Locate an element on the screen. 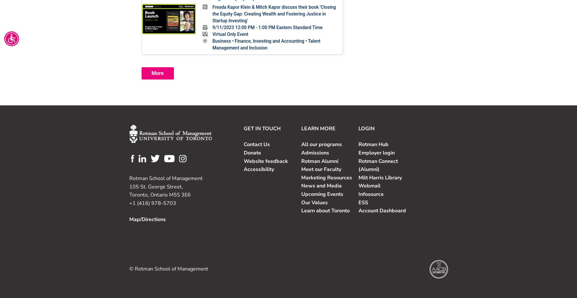 The width and height of the screenshot is (577, 298). '+1 (416) 978-5703' is located at coordinates (152, 203).